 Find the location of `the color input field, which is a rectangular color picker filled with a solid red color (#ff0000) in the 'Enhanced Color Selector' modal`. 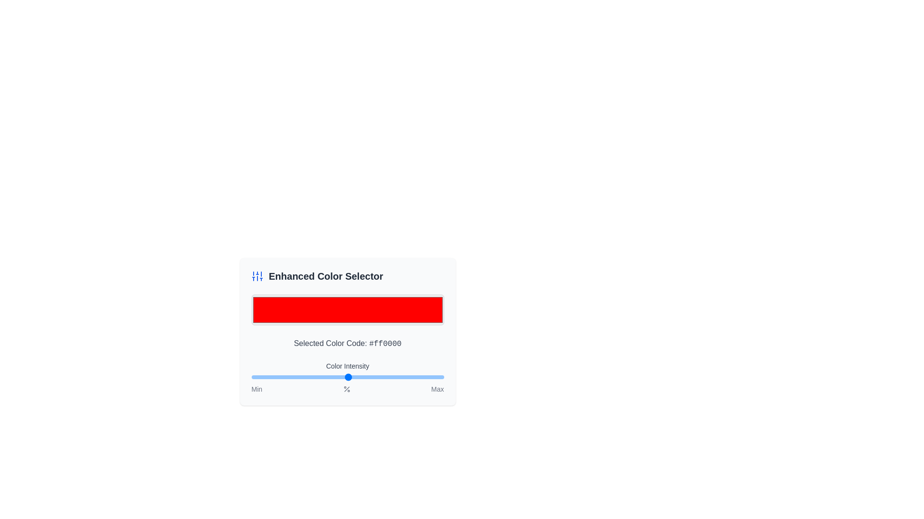

the color input field, which is a rectangular color picker filled with a solid red color (#ff0000) in the 'Enhanced Color Selector' modal is located at coordinates (347, 309).